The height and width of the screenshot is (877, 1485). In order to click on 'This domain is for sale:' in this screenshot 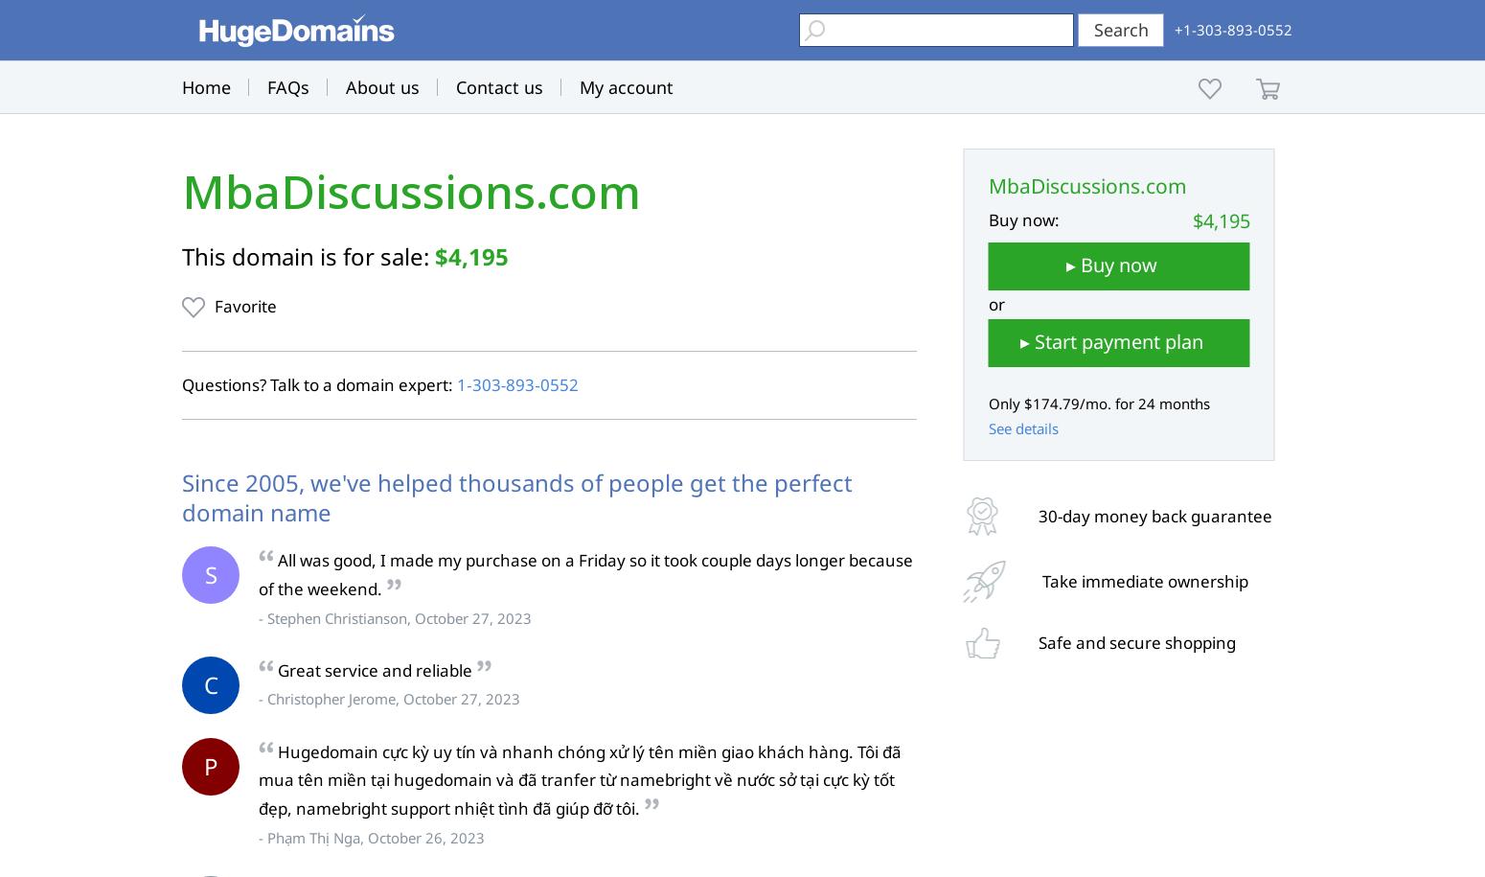, I will do `click(307, 255)`.